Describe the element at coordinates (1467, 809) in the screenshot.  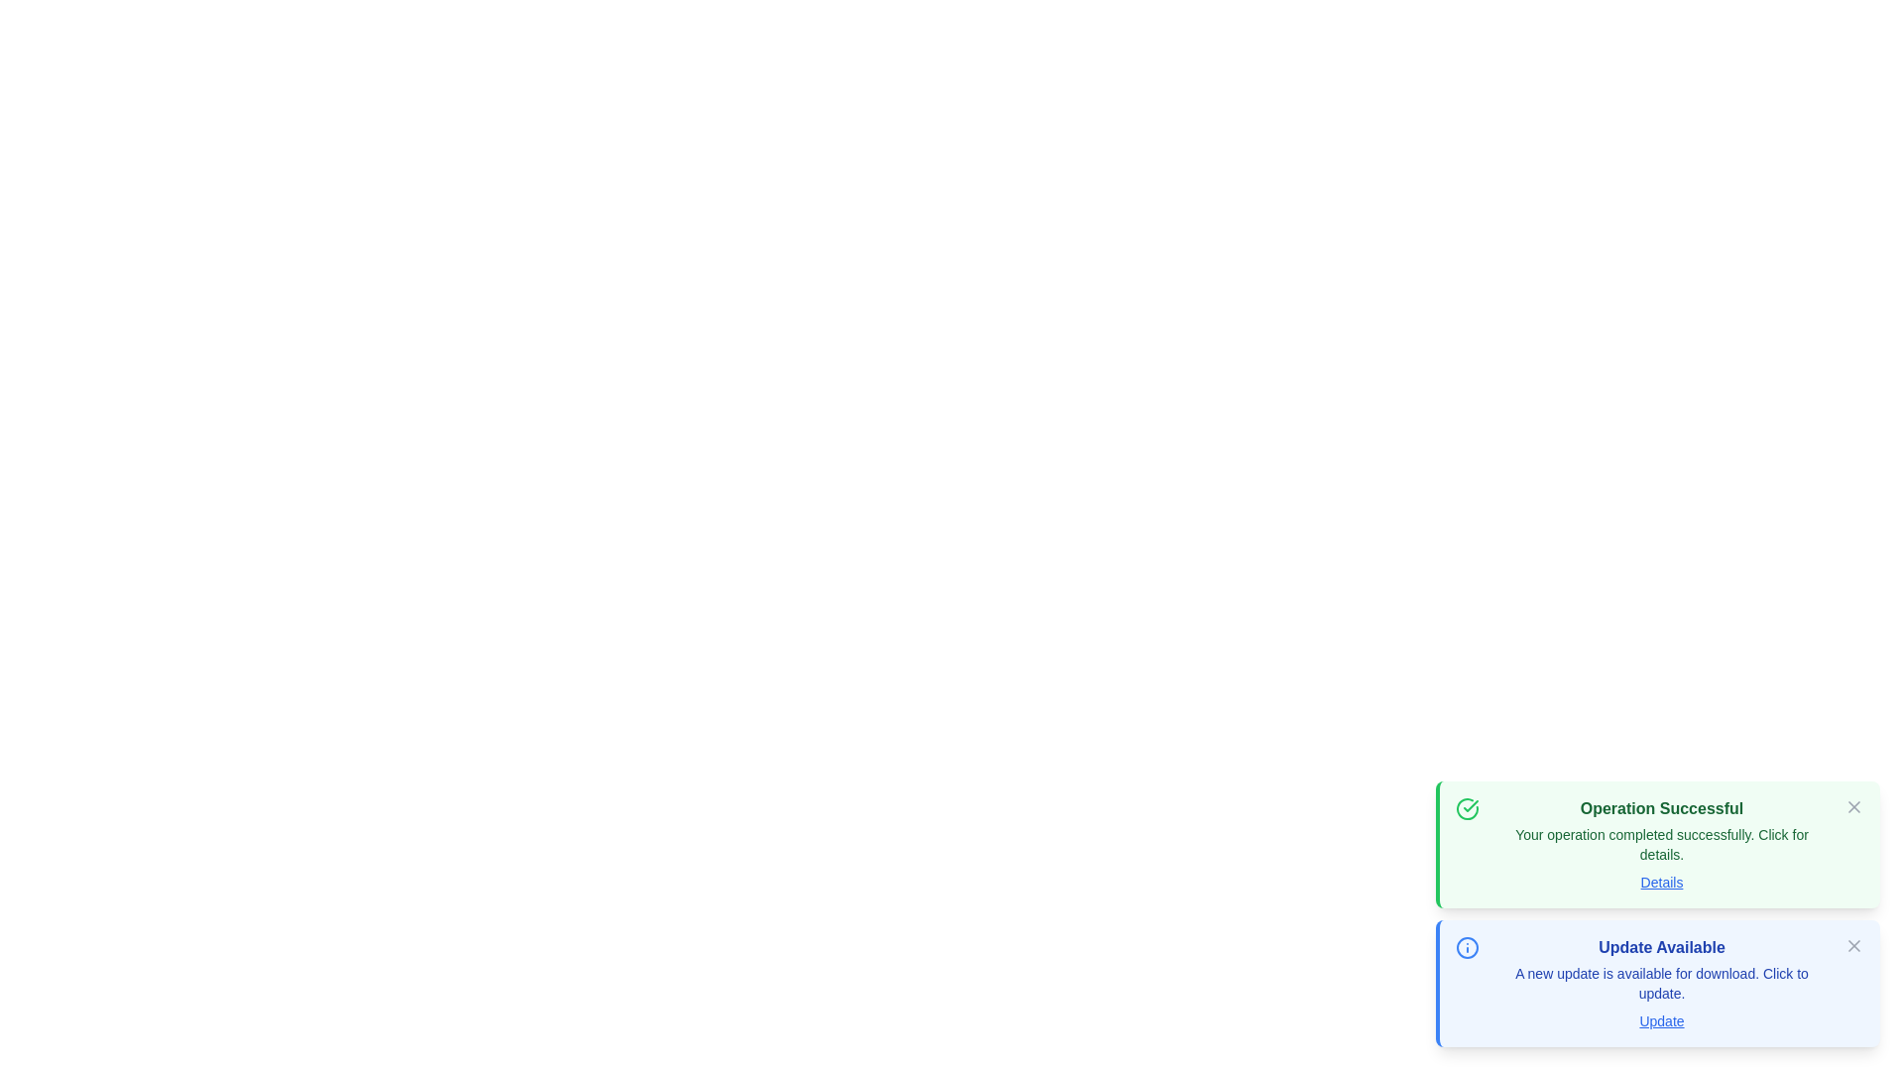
I see `the green circular icon with a tick inside, located to the left of the 'Operation Successful' text in the notification area` at that location.